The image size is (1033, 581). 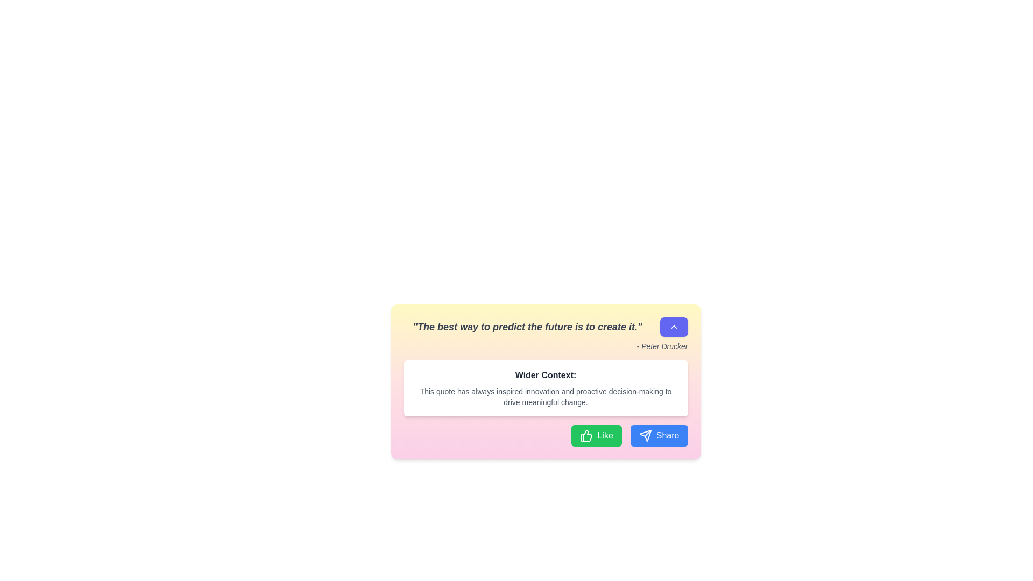 I want to click on the 'Like' icon, which visually represents the action associated with the 'Like' button located at the bottom of the card, to the left of the 'Like' text, so click(x=586, y=436).